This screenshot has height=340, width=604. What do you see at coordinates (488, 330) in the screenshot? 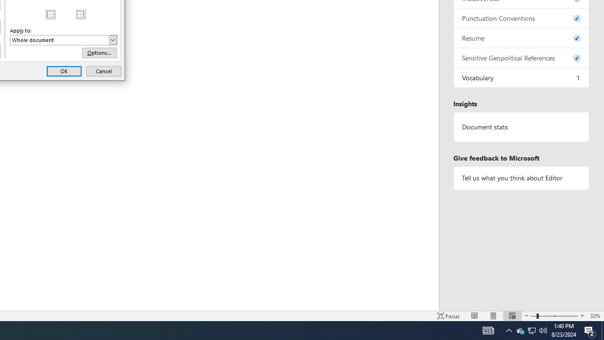
I see `'AutomationID: 4105'` at bounding box center [488, 330].